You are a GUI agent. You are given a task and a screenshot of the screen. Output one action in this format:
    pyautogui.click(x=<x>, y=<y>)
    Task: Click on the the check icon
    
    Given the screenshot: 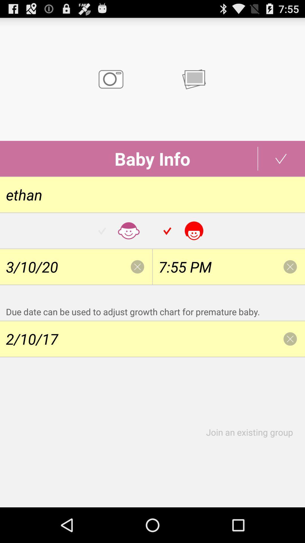 What is the action you would take?
    pyautogui.click(x=281, y=169)
    